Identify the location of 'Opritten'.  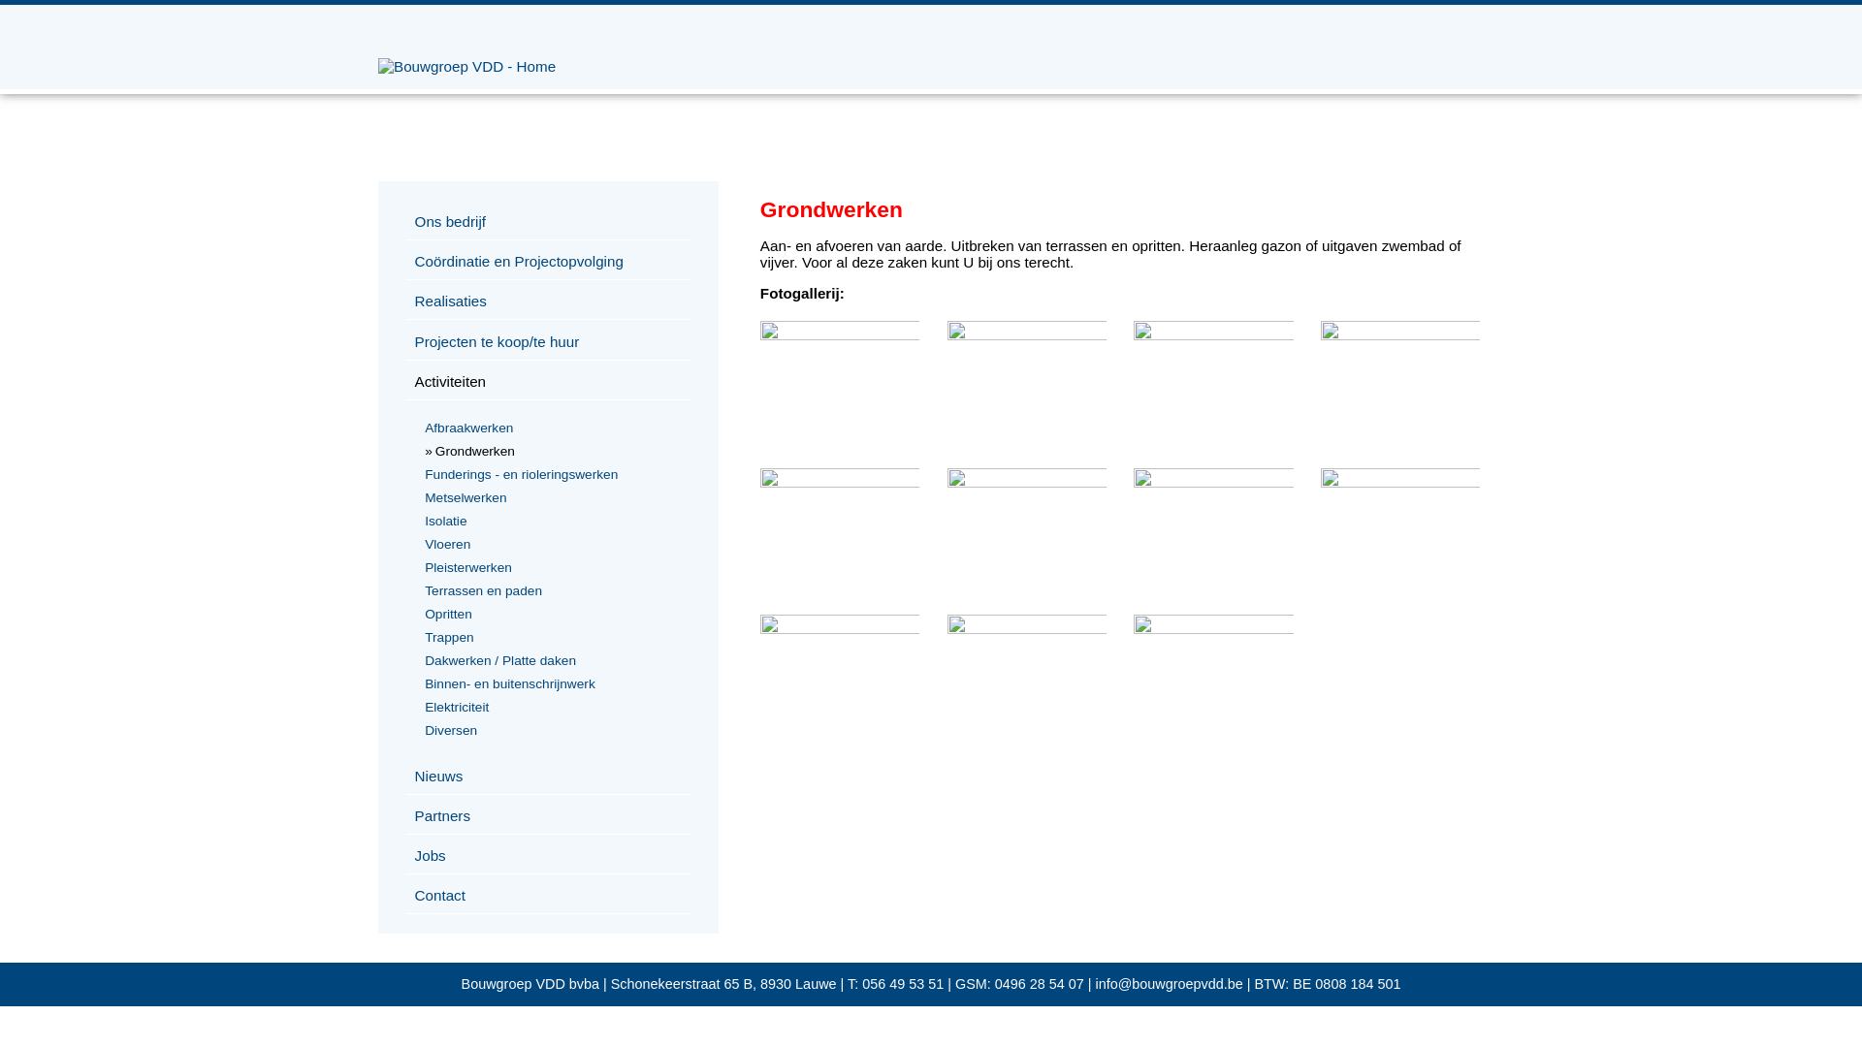
(552, 614).